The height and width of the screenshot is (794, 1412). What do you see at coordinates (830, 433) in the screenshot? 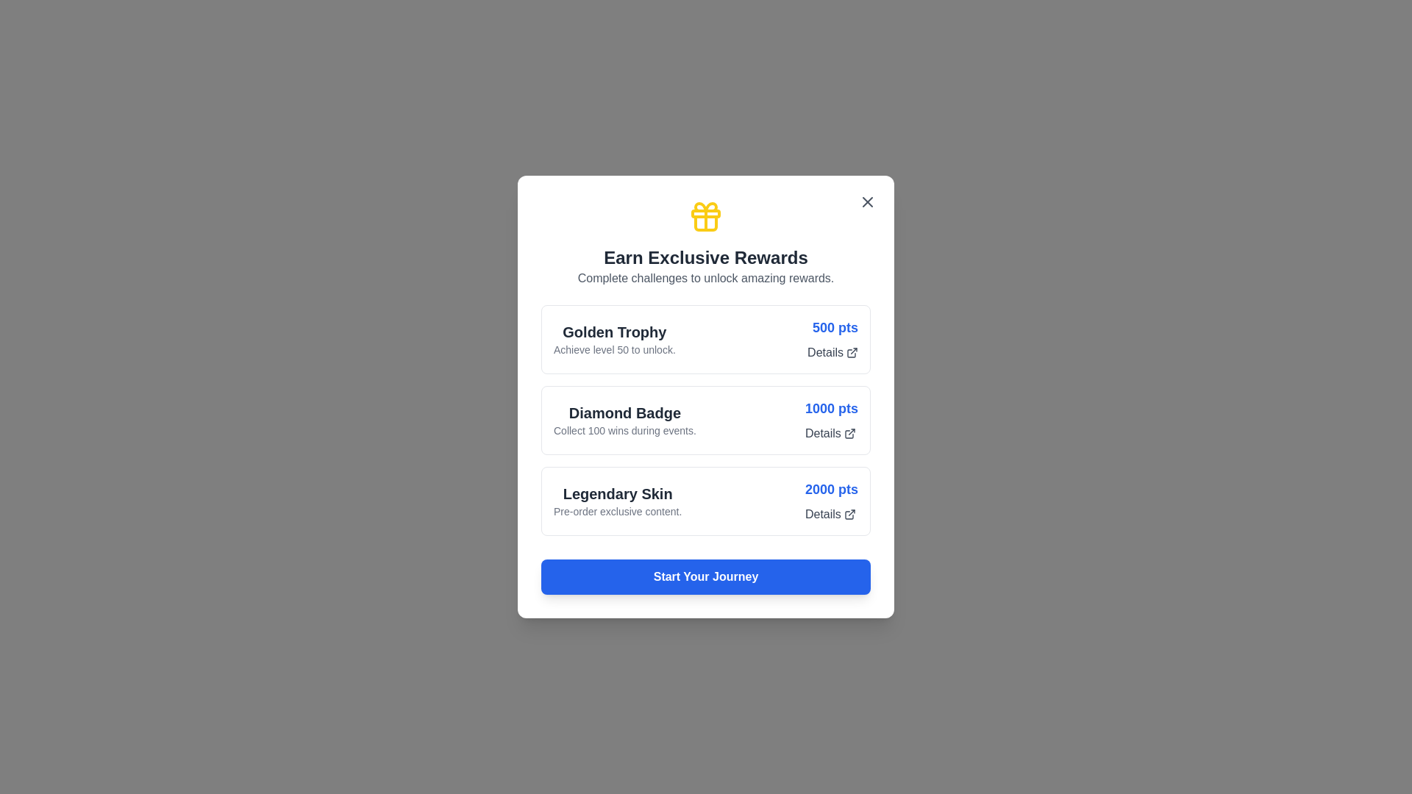
I see `the hyperlink located immediately to the right of '1000 pts' in the 'Diamond Badge' section` at bounding box center [830, 433].